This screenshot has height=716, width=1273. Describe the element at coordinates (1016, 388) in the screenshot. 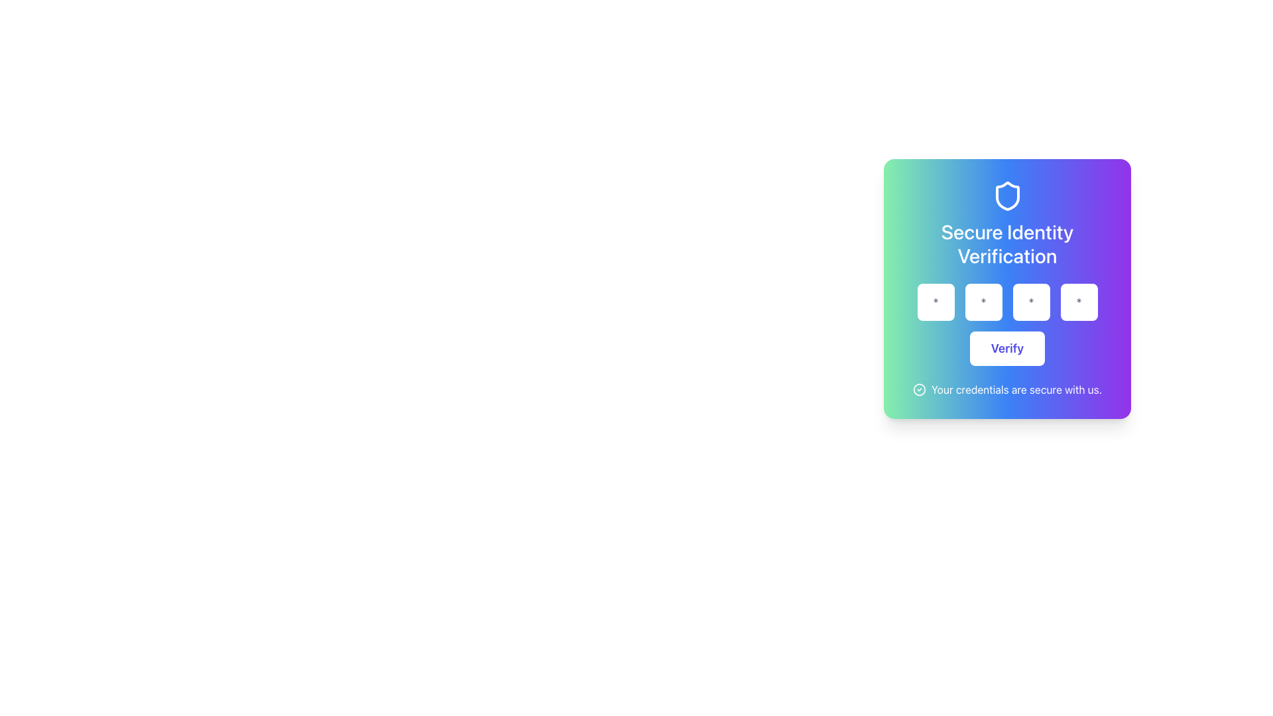

I see `the static text label that reassures users about the security of their login credentials during the verification process, located in the bottom section of a card-like user interface, adjacent to a circular checkmark icon` at that location.